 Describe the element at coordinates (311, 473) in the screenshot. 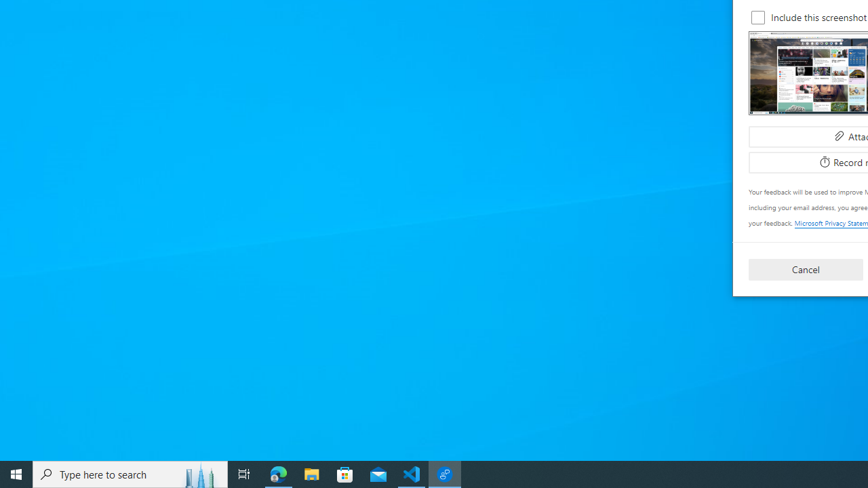

I see `'File Explorer'` at that location.